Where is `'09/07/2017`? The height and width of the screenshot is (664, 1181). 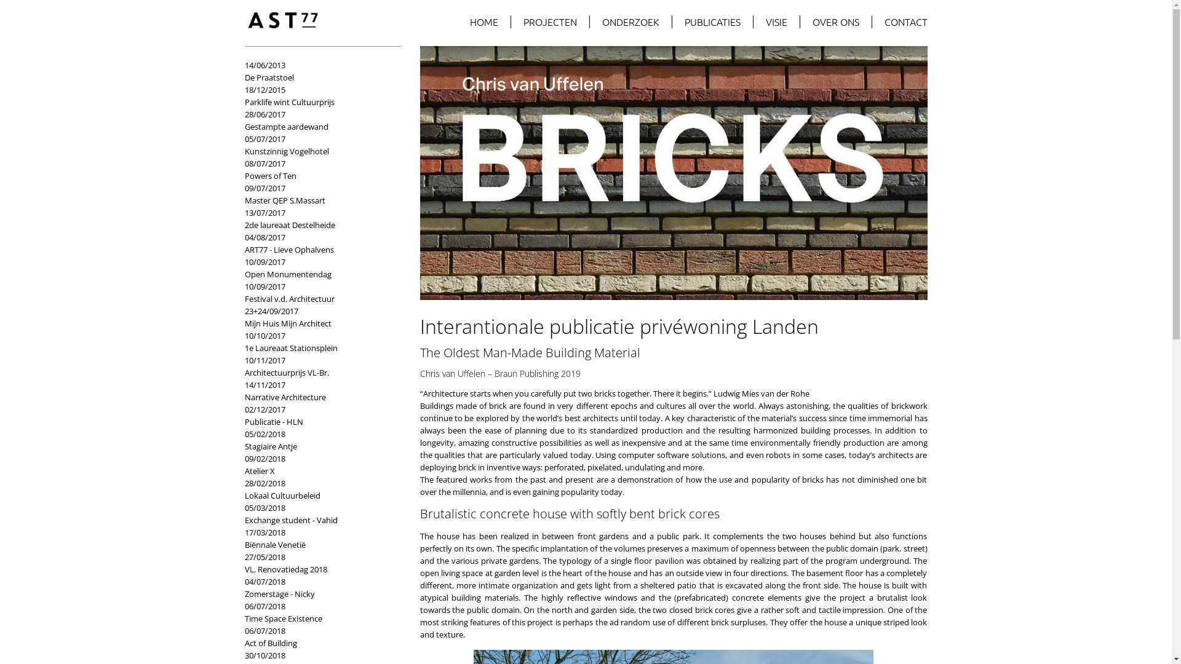
'09/07/2017 is located at coordinates (317, 194).